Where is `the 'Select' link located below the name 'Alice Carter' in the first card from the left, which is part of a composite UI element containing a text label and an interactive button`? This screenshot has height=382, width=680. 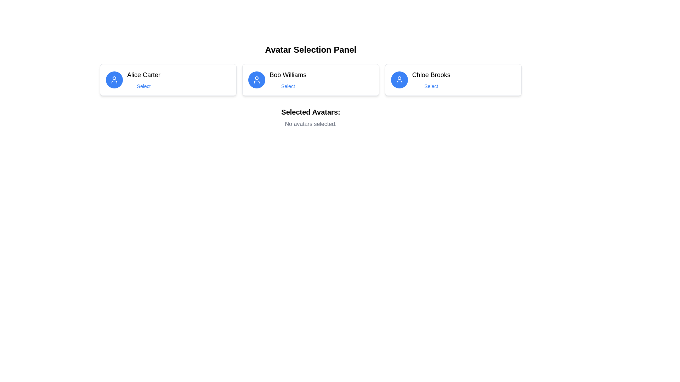 the 'Select' link located below the name 'Alice Carter' in the first card from the left, which is part of a composite UI element containing a text label and an interactive button is located at coordinates (143, 80).